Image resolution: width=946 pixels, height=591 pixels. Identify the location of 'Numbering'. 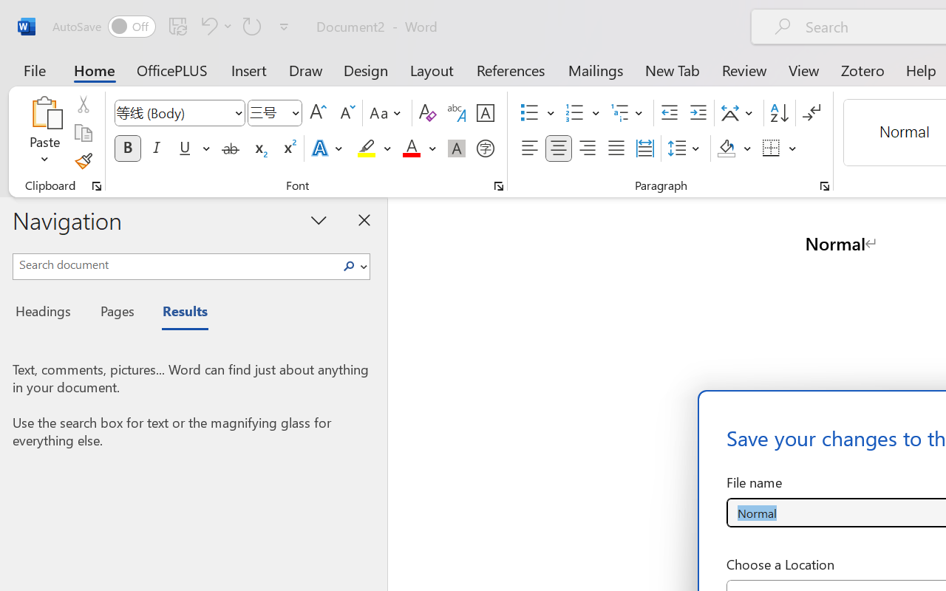
(574, 113).